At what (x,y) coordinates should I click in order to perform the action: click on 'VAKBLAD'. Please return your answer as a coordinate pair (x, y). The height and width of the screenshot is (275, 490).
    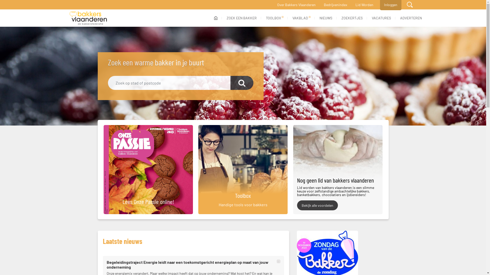
    Looking at the image, I should click on (301, 18).